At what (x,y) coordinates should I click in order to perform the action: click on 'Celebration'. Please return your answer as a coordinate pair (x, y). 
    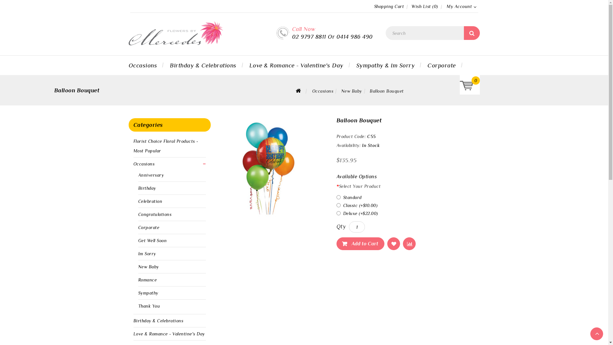
    Looking at the image, I should click on (138, 201).